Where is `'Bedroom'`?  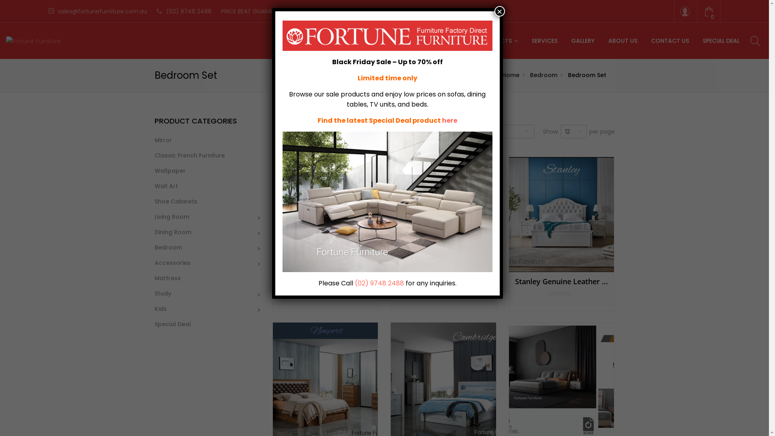
'Bedroom' is located at coordinates (529, 75).